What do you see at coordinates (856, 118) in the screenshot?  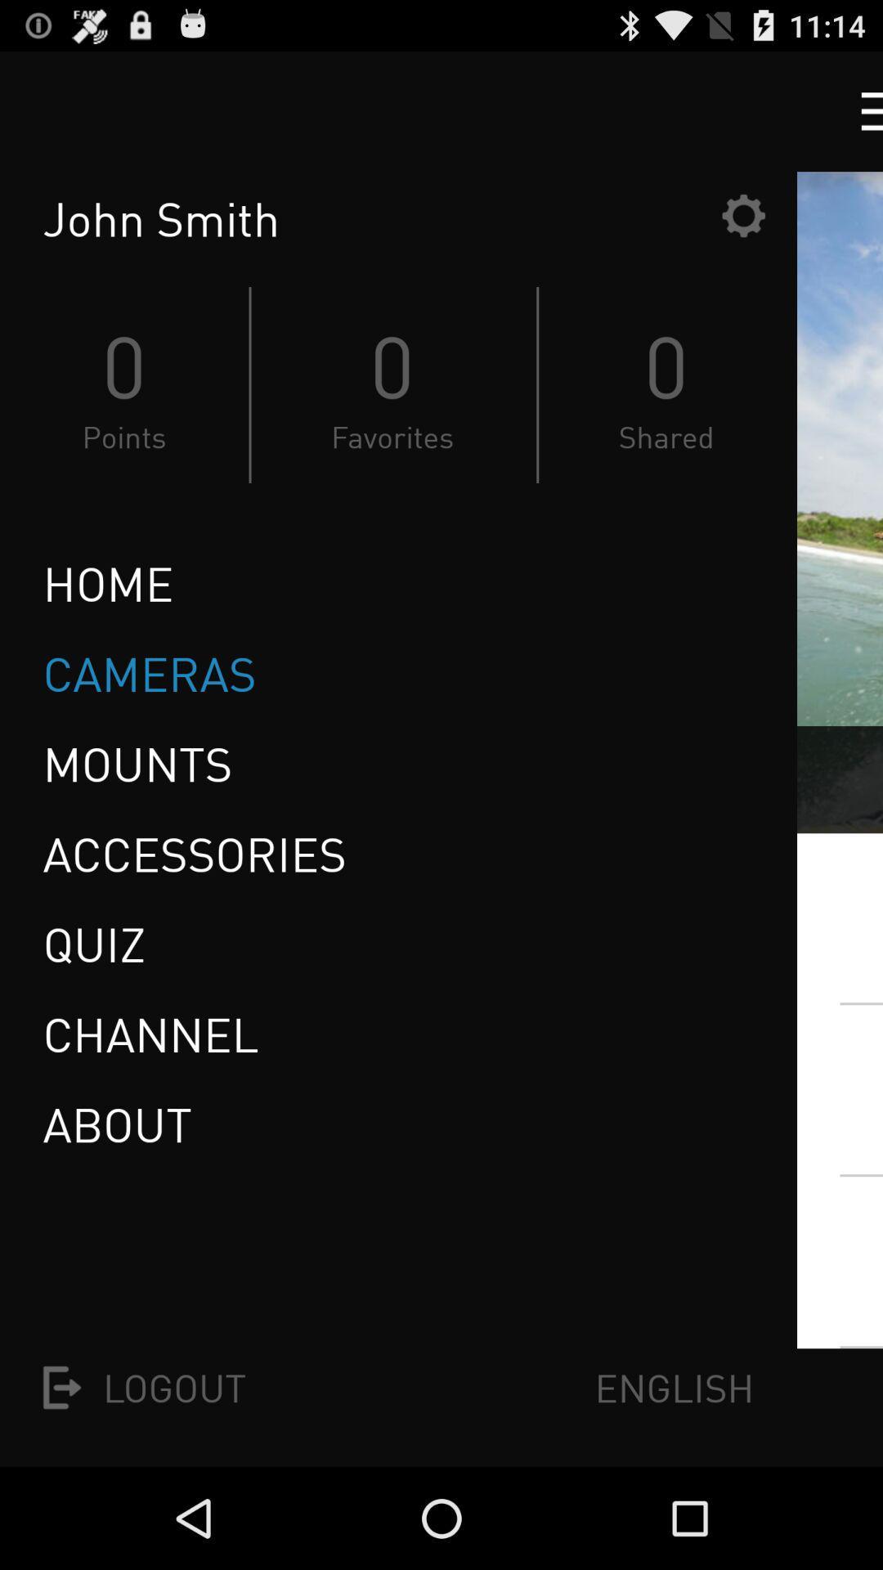 I see `the menu icon` at bounding box center [856, 118].